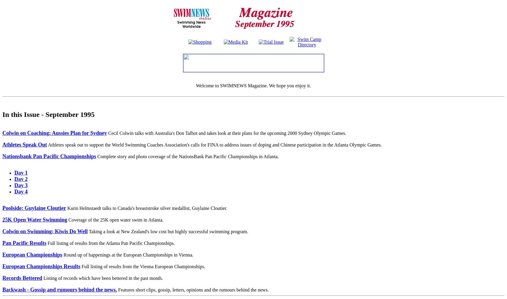 This screenshot has width=507, height=299. What do you see at coordinates (110, 243) in the screenshot?
I see `'Full listing of results from the Atlanta Pan Pacific Championships.'` at bounding box center [110, 243].